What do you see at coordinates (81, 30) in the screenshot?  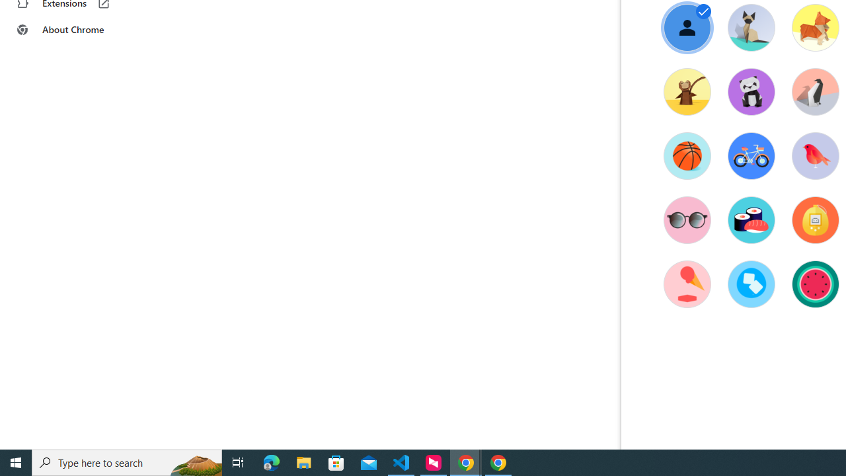 I see `'About Chrome'` at bounding box center [81, 30].